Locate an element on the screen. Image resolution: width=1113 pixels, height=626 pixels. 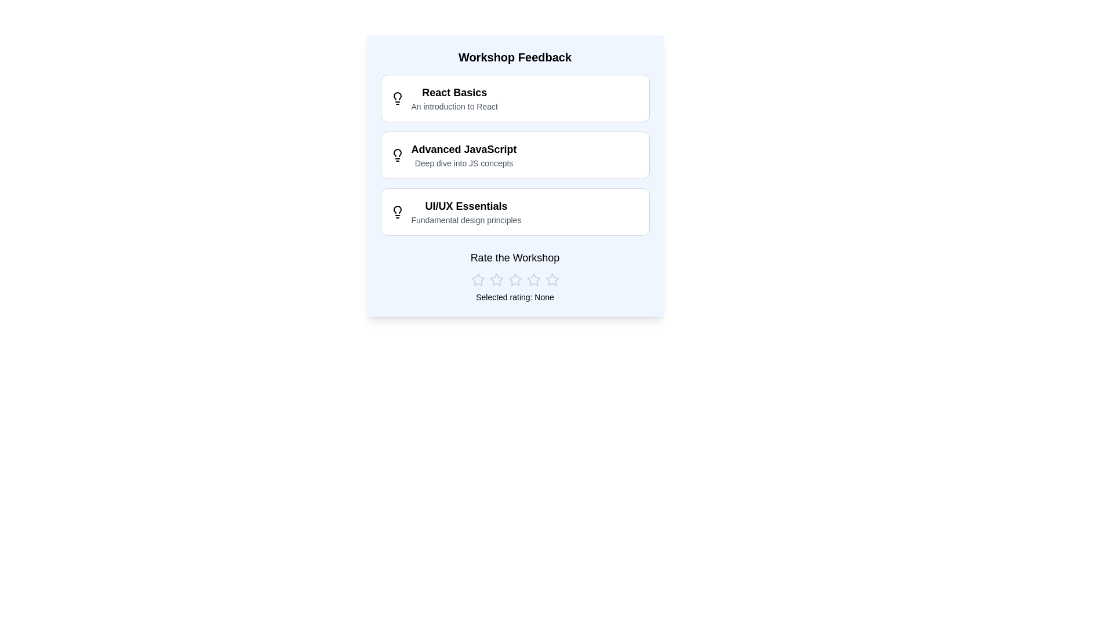
the text label 'Fundamental design principles', which is located under the header 'UI/UX Essentials' within the third card of a vertically stacked list is located at coordinates (466, 220).